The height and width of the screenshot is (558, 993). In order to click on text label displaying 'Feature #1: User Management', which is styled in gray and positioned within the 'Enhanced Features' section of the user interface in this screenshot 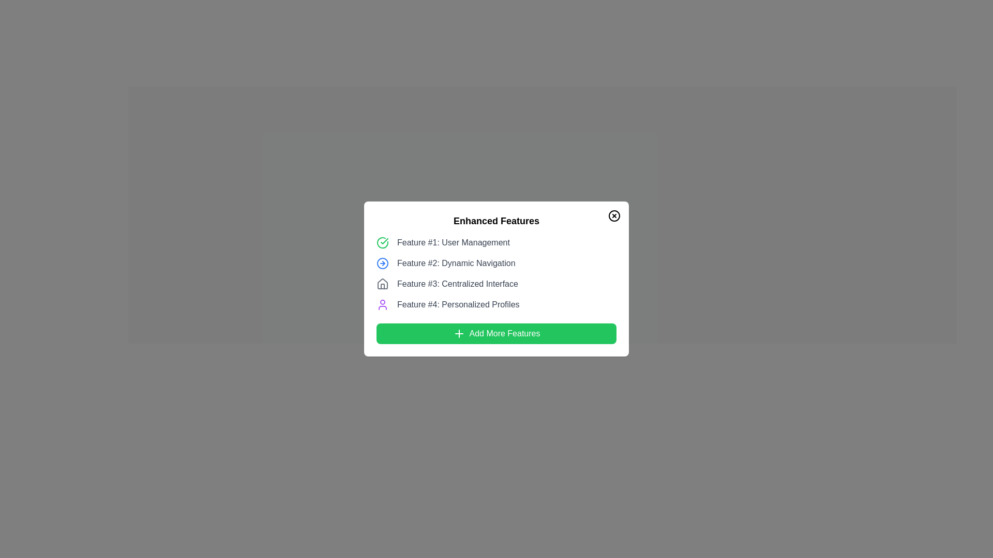, I will do `click(453, 243)`.